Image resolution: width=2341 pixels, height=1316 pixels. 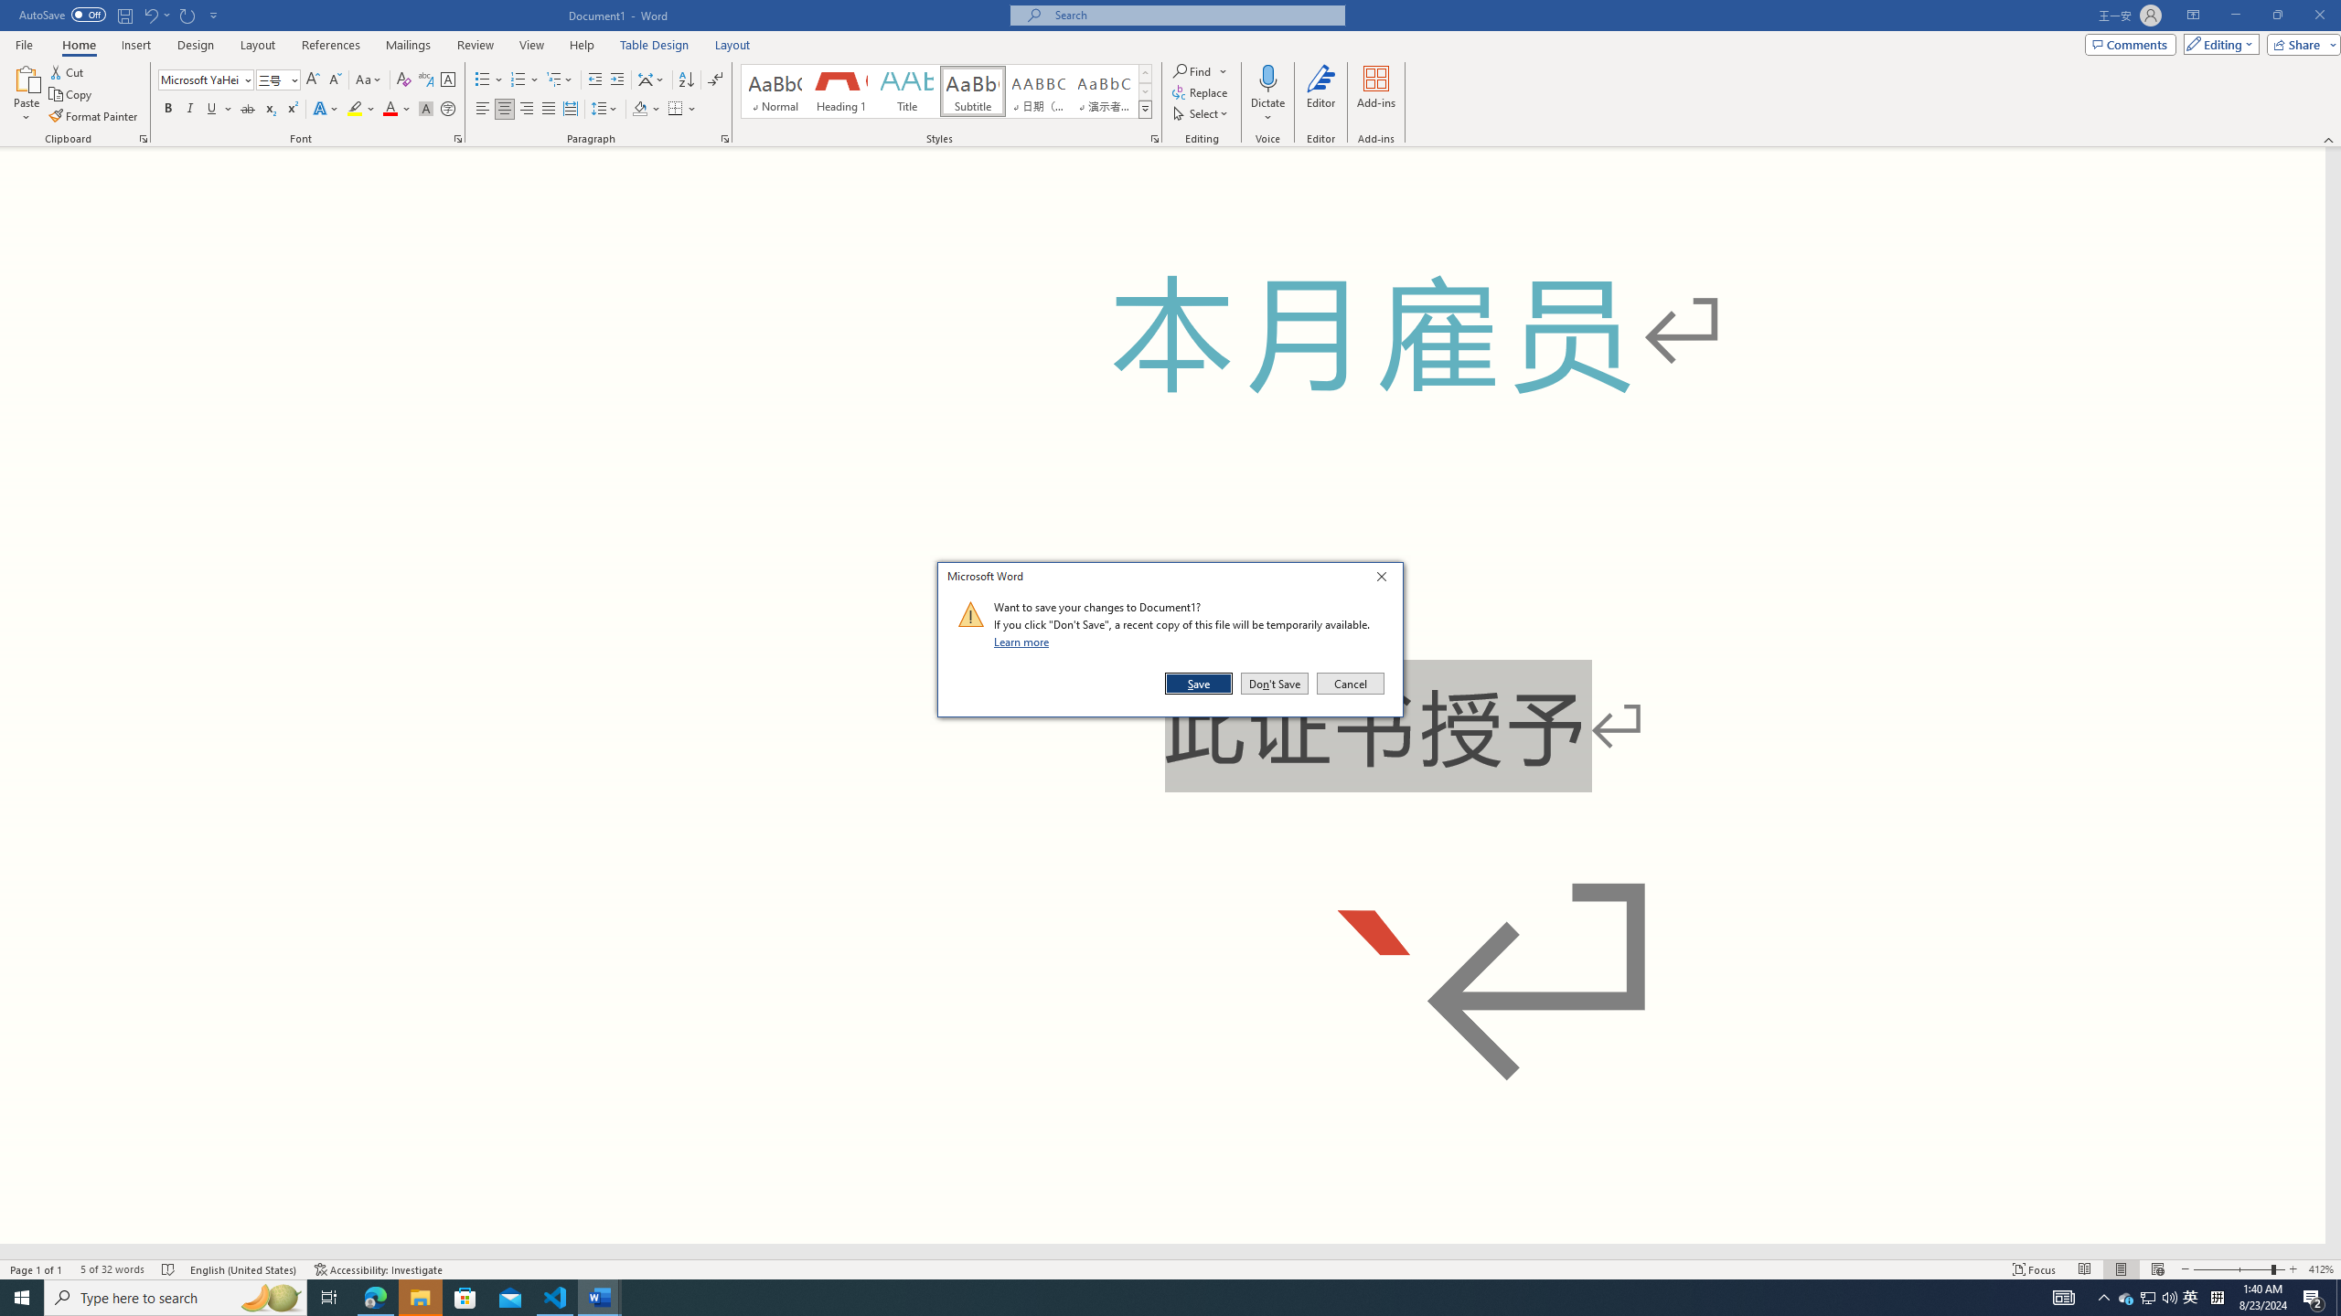 What do you see at coordinates (23, 43) in the screenshot?
I see `'File Tab'` at bounding box center [23, 43].